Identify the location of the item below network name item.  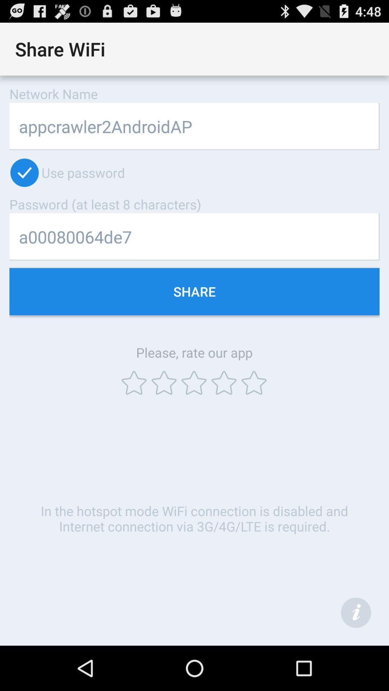
(194, 126).